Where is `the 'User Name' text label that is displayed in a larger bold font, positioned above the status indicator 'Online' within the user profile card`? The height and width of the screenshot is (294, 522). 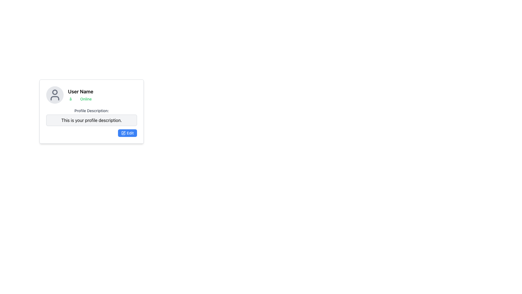 the 'User Name' text label that is displayed in a larger bold font, positioned above the status indicator 'Online' within the user profile card is located at coordinates (80, 91).